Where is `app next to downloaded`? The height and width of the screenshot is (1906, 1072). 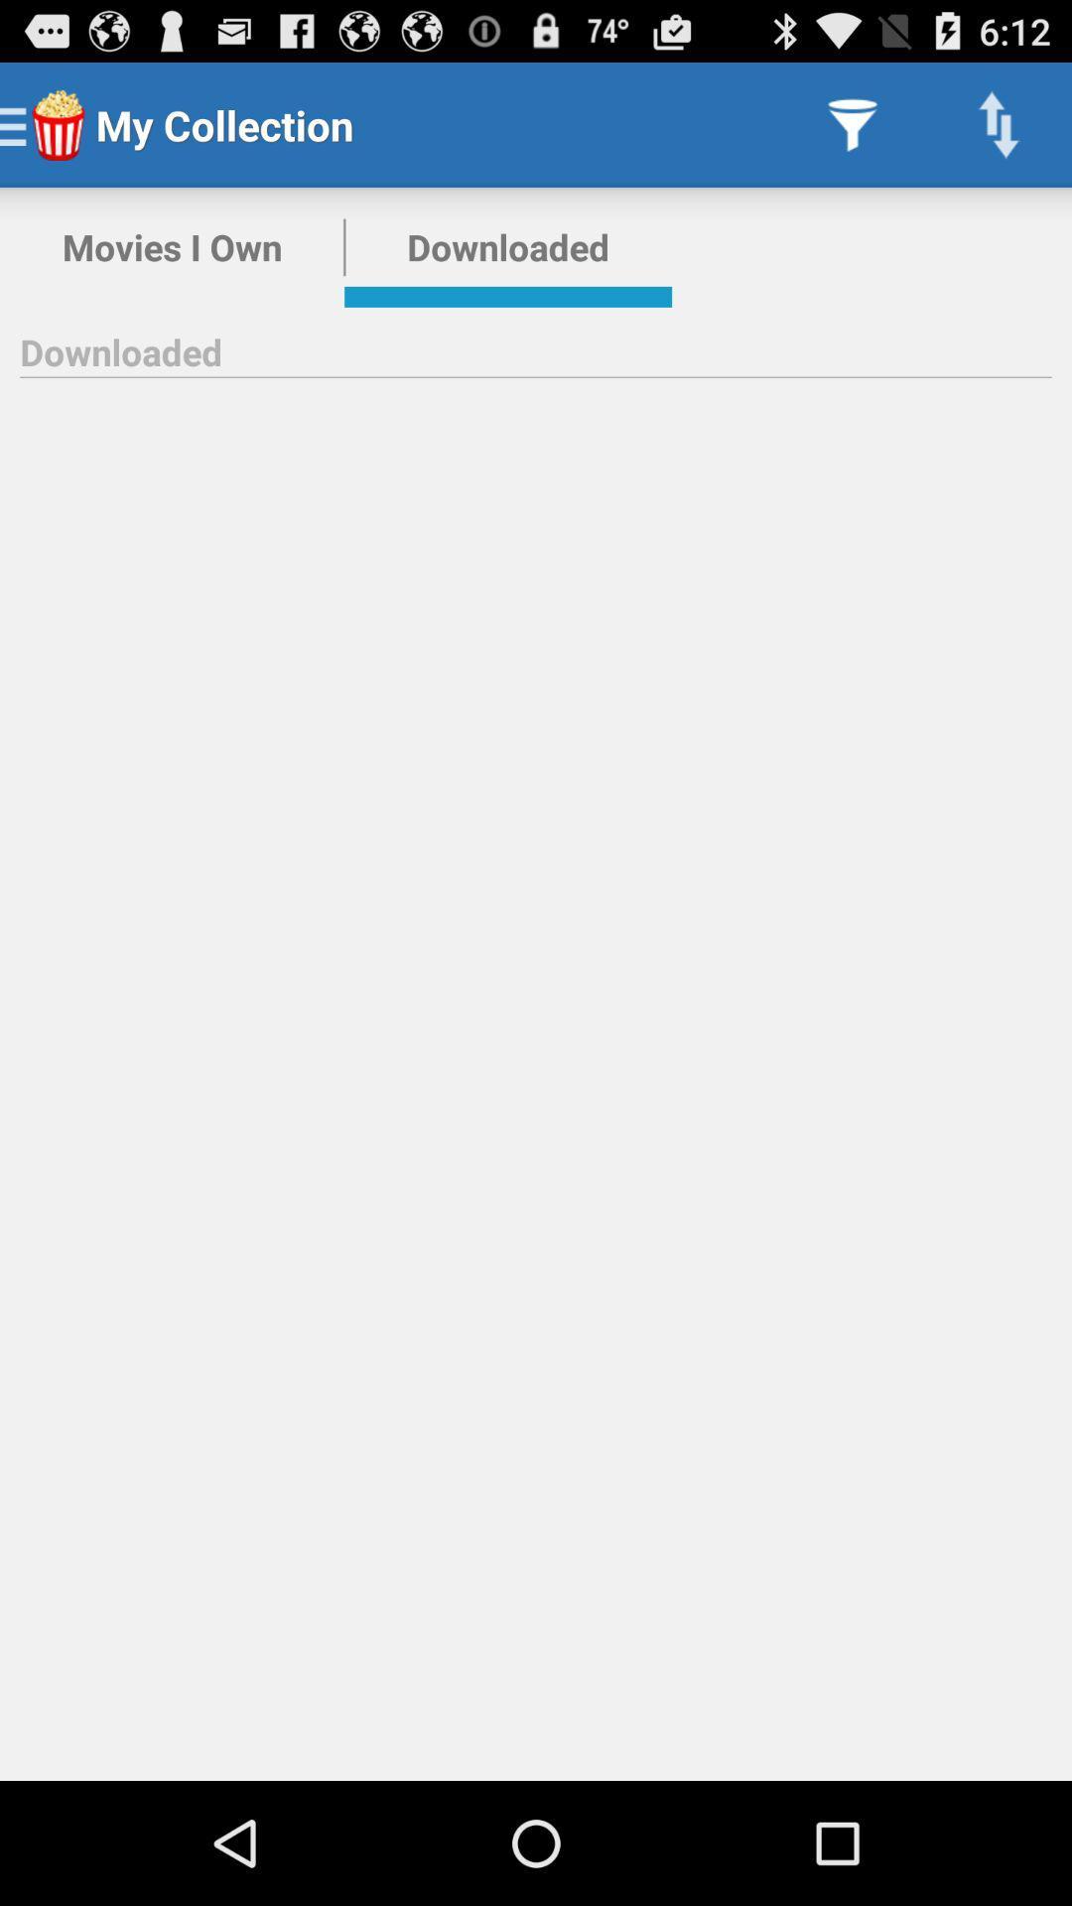
app next to downloaded is located at coordinates (171, 246).